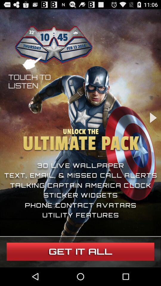  What do you see at coordinates (153, 126) in the screenshot?
I see `the play icon` at bounding box center [153, 126].